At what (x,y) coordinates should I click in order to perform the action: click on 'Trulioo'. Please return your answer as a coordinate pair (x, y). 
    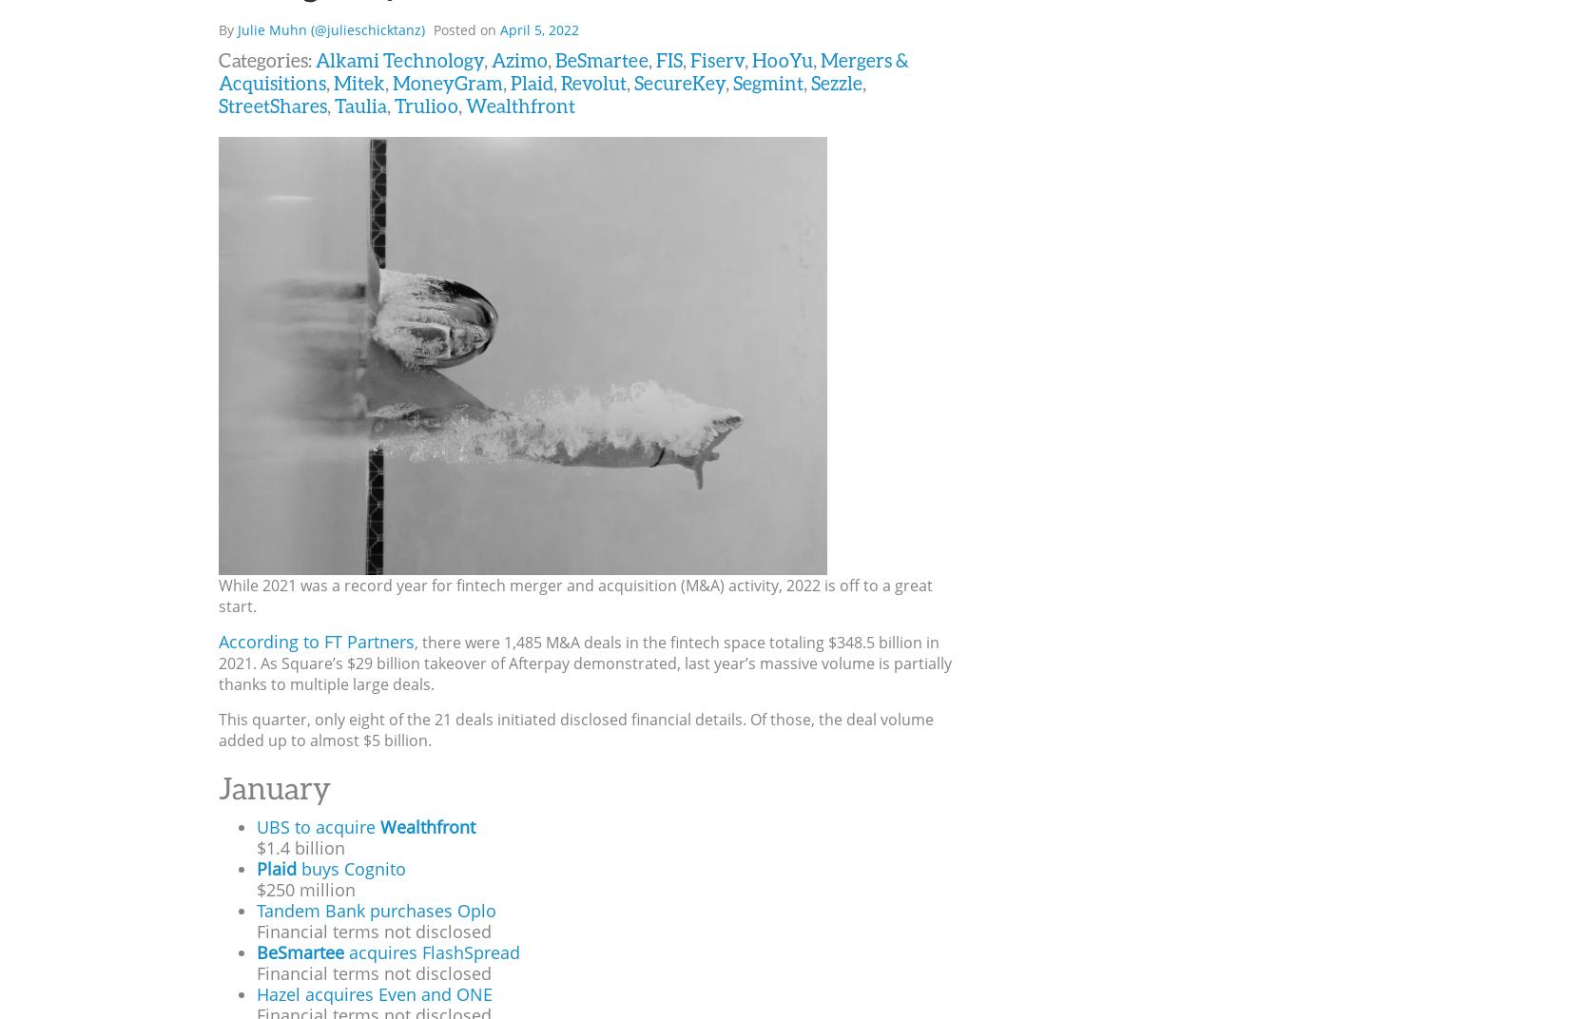
    Looking at the image, I should click on (425, 104).